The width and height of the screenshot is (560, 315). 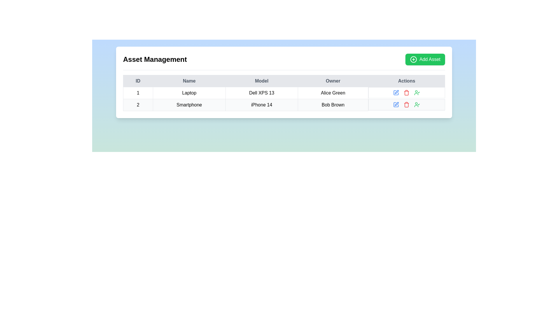 What do you see at coordinates (417, 92) in the screenshot?
I see `the Icon in the second row of the table under the 'Actions' column, which is the fourth element among its siblings, to indicate or confirm a selected user-related action` at bounding box center [417, 92].